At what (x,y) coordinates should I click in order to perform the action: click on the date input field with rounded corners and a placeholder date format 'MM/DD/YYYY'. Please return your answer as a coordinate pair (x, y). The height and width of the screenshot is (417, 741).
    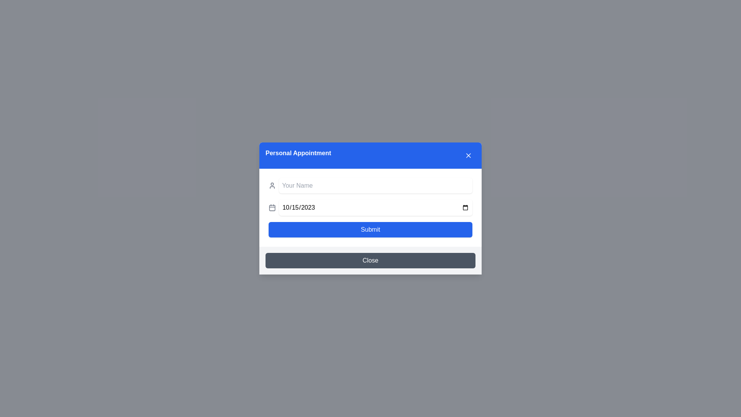
    Looking at the image, I should click on (376, 207).